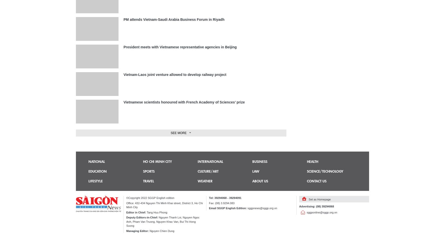  I want to click on 'Advertising: (08) 39294068', so click(316, 206).